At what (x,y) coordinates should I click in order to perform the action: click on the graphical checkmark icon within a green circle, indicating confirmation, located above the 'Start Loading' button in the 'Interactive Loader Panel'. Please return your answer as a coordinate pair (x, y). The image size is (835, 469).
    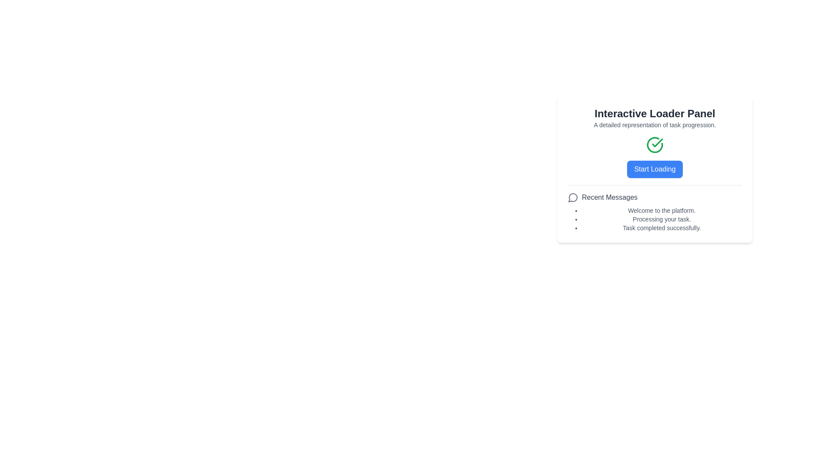
    Looking at the image, I should click on (657, 142).